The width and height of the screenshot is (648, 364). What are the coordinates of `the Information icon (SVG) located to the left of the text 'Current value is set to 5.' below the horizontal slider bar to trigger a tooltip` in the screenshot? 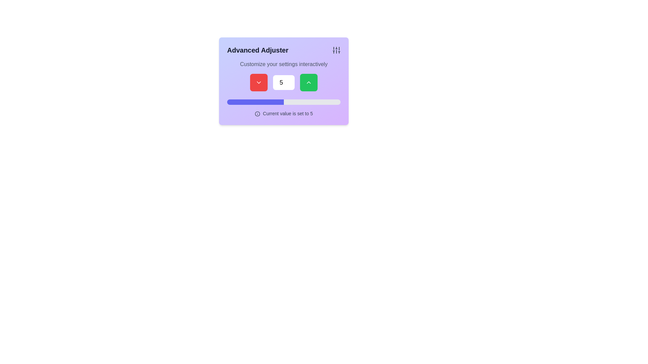 It's located at (257, 114).